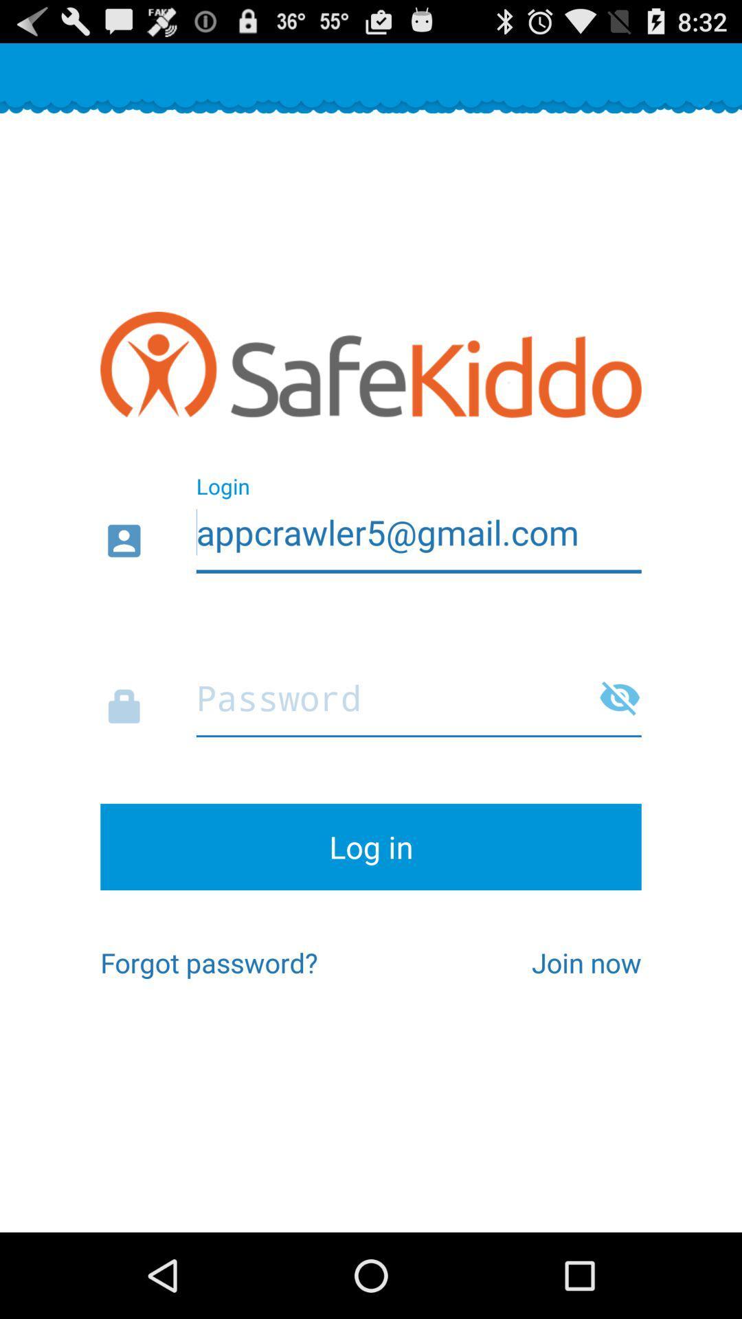 The height and width of the screenshot is (1319, 742). I want to click on to type password, so click(371, 694).